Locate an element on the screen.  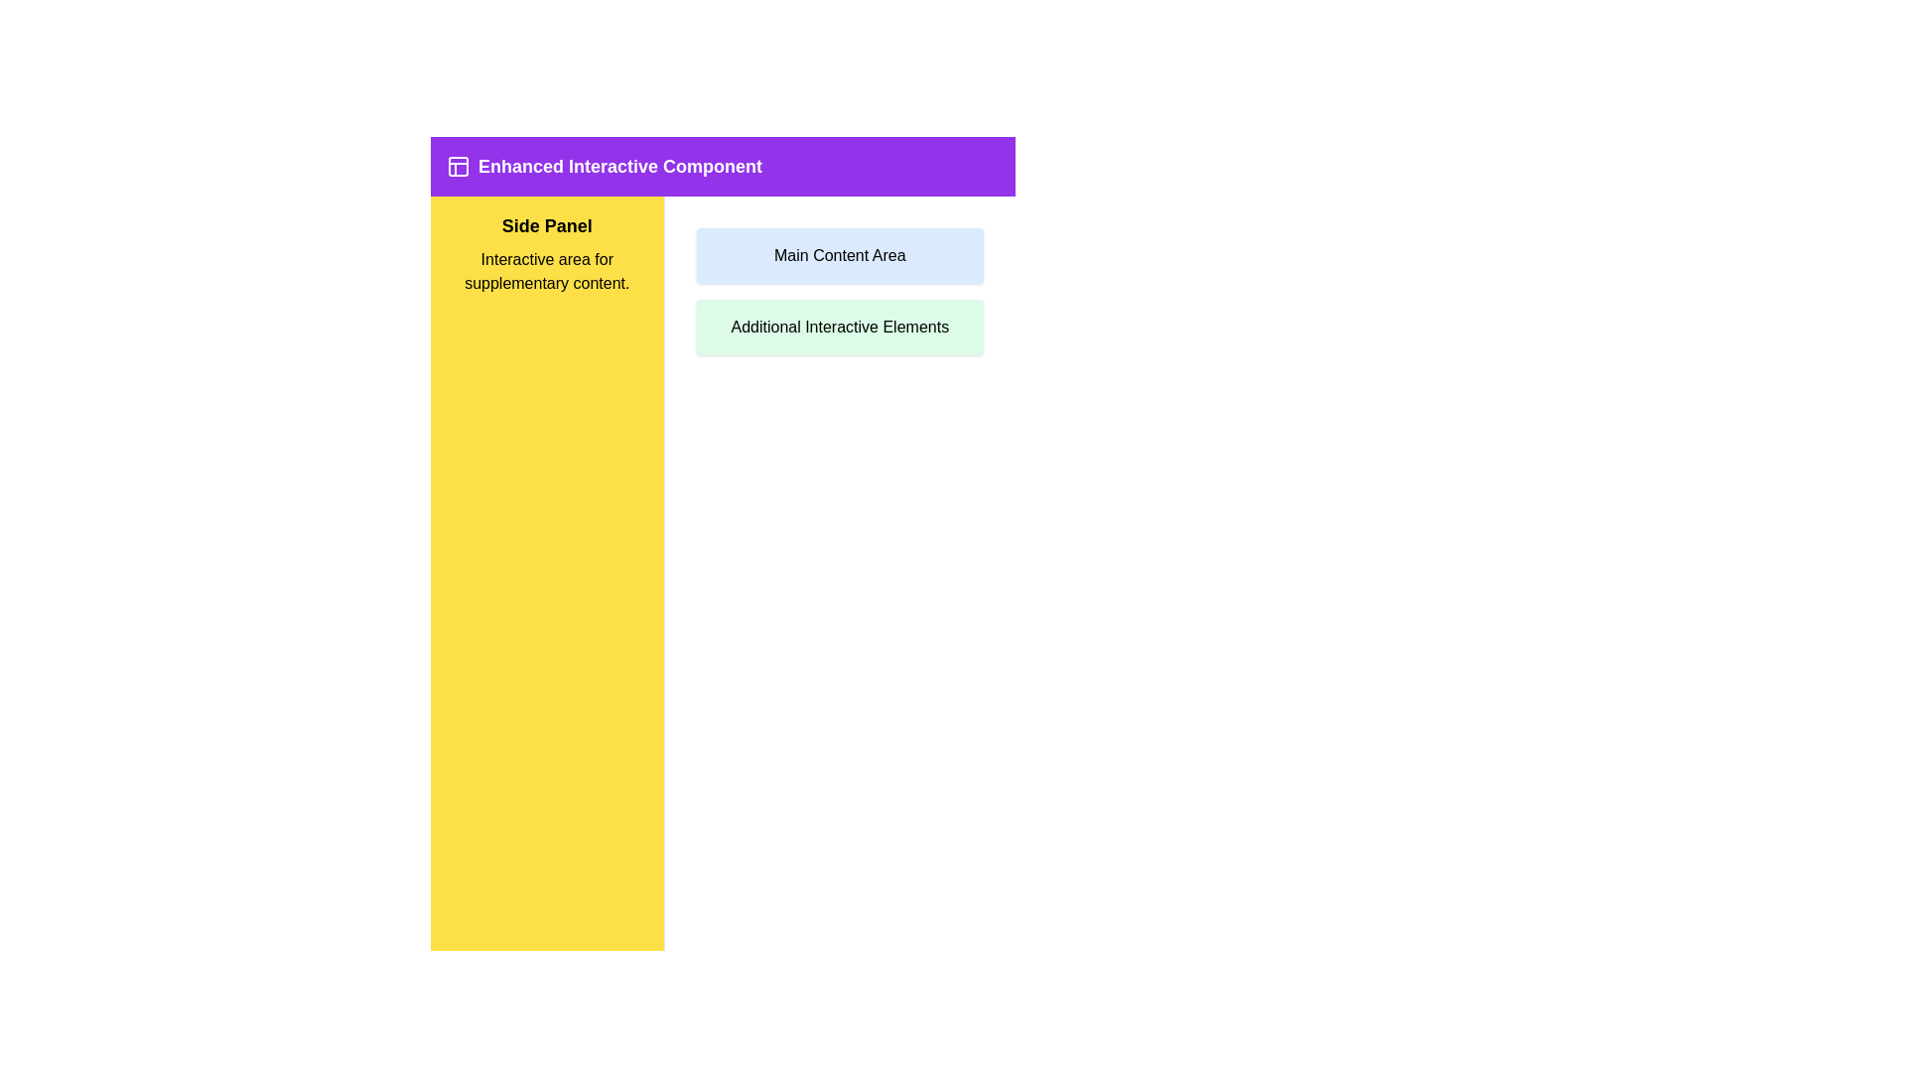
text 'Enhanced Interactive Component' from the header bar with a purple background and white text positioned at the top of the interface is located at coordinates (722, 166).